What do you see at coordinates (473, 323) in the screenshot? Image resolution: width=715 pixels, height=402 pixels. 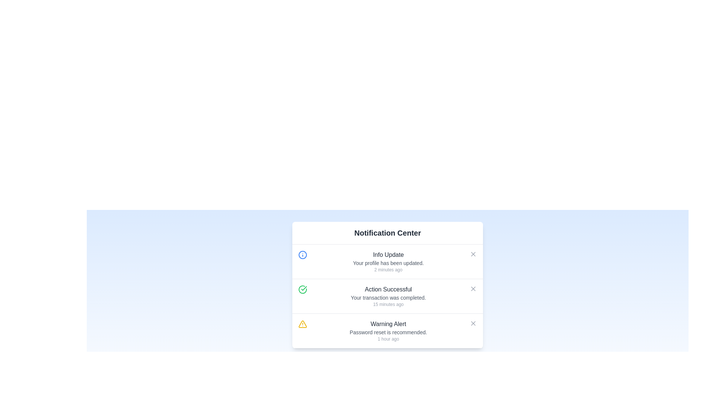 I see `the cross graphic icon outlined in a minimalistic style, which serves as the dismissal option for the 'Warning Alert - Password reset is recommended' notification` at bounding box center [473, 323].